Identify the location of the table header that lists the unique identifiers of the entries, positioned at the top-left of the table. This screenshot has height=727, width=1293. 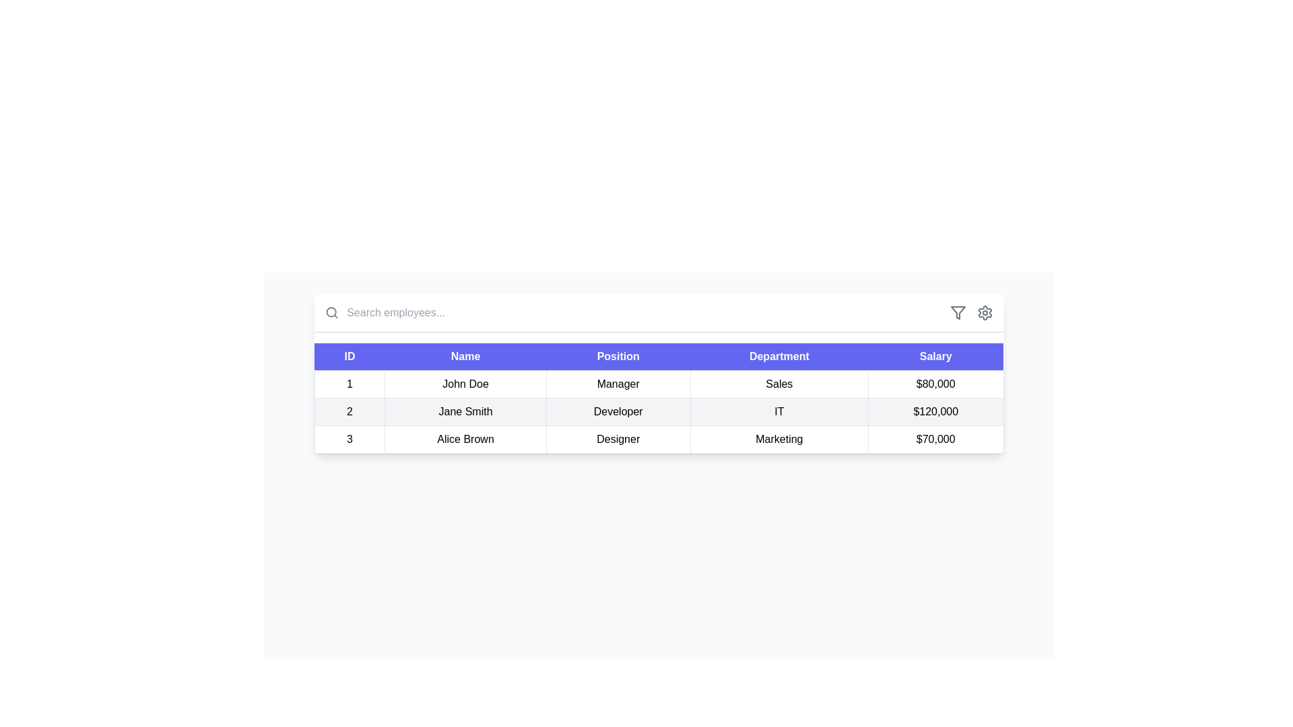
(350, 356).